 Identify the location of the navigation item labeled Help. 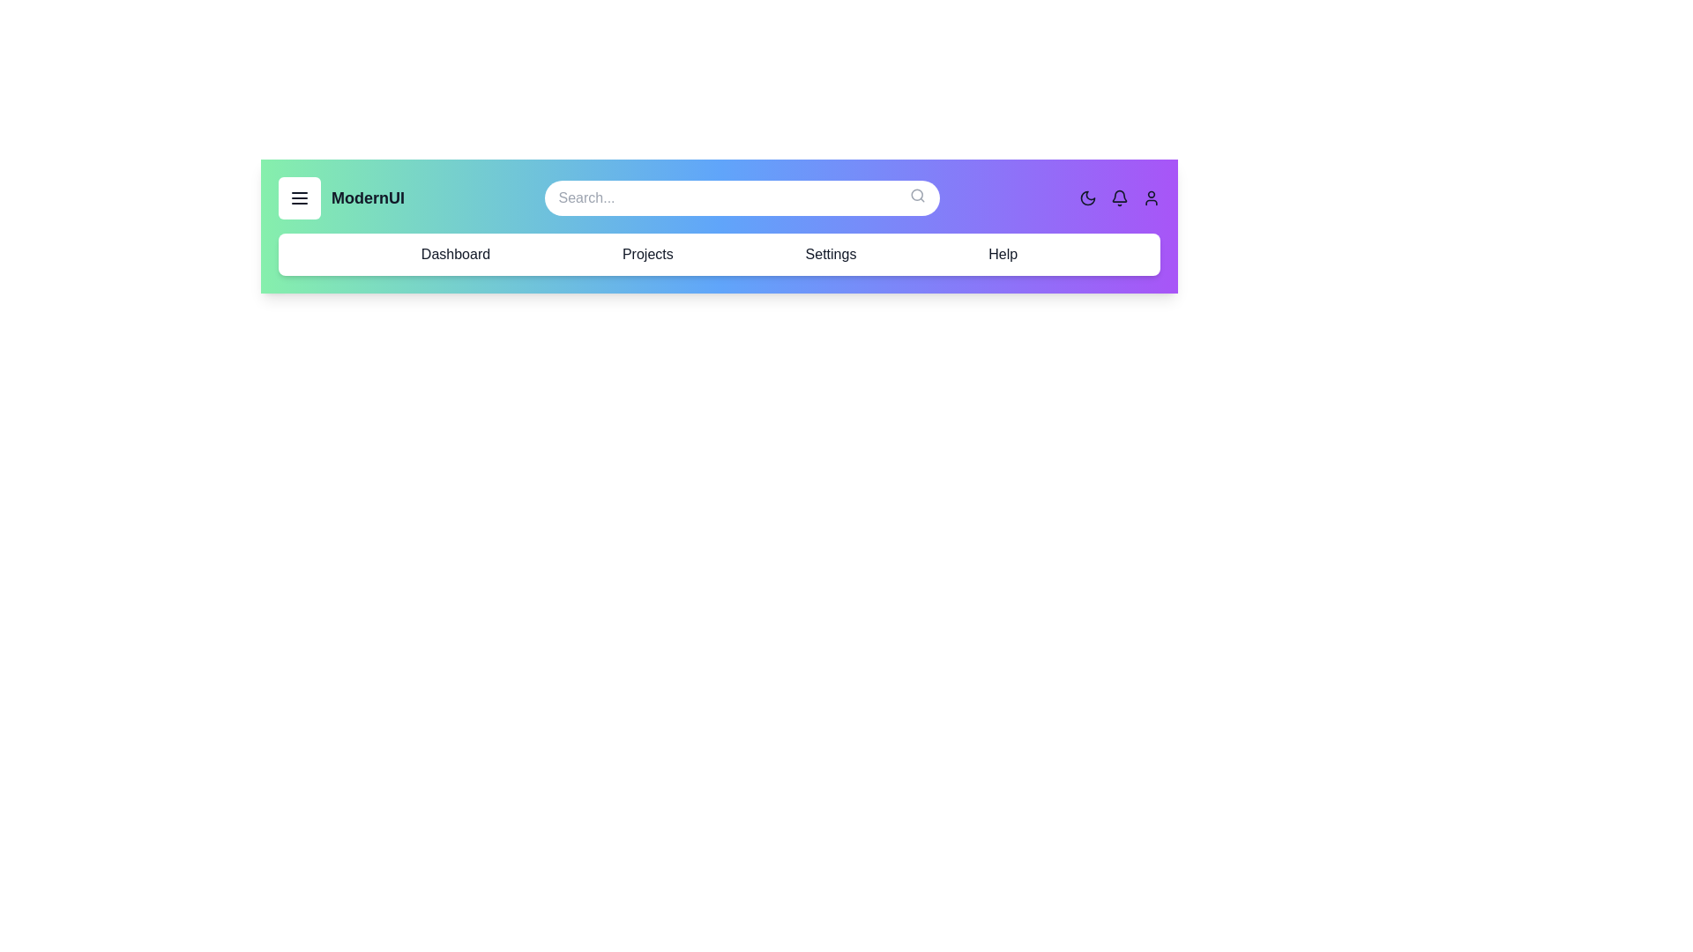
(1003, 255).